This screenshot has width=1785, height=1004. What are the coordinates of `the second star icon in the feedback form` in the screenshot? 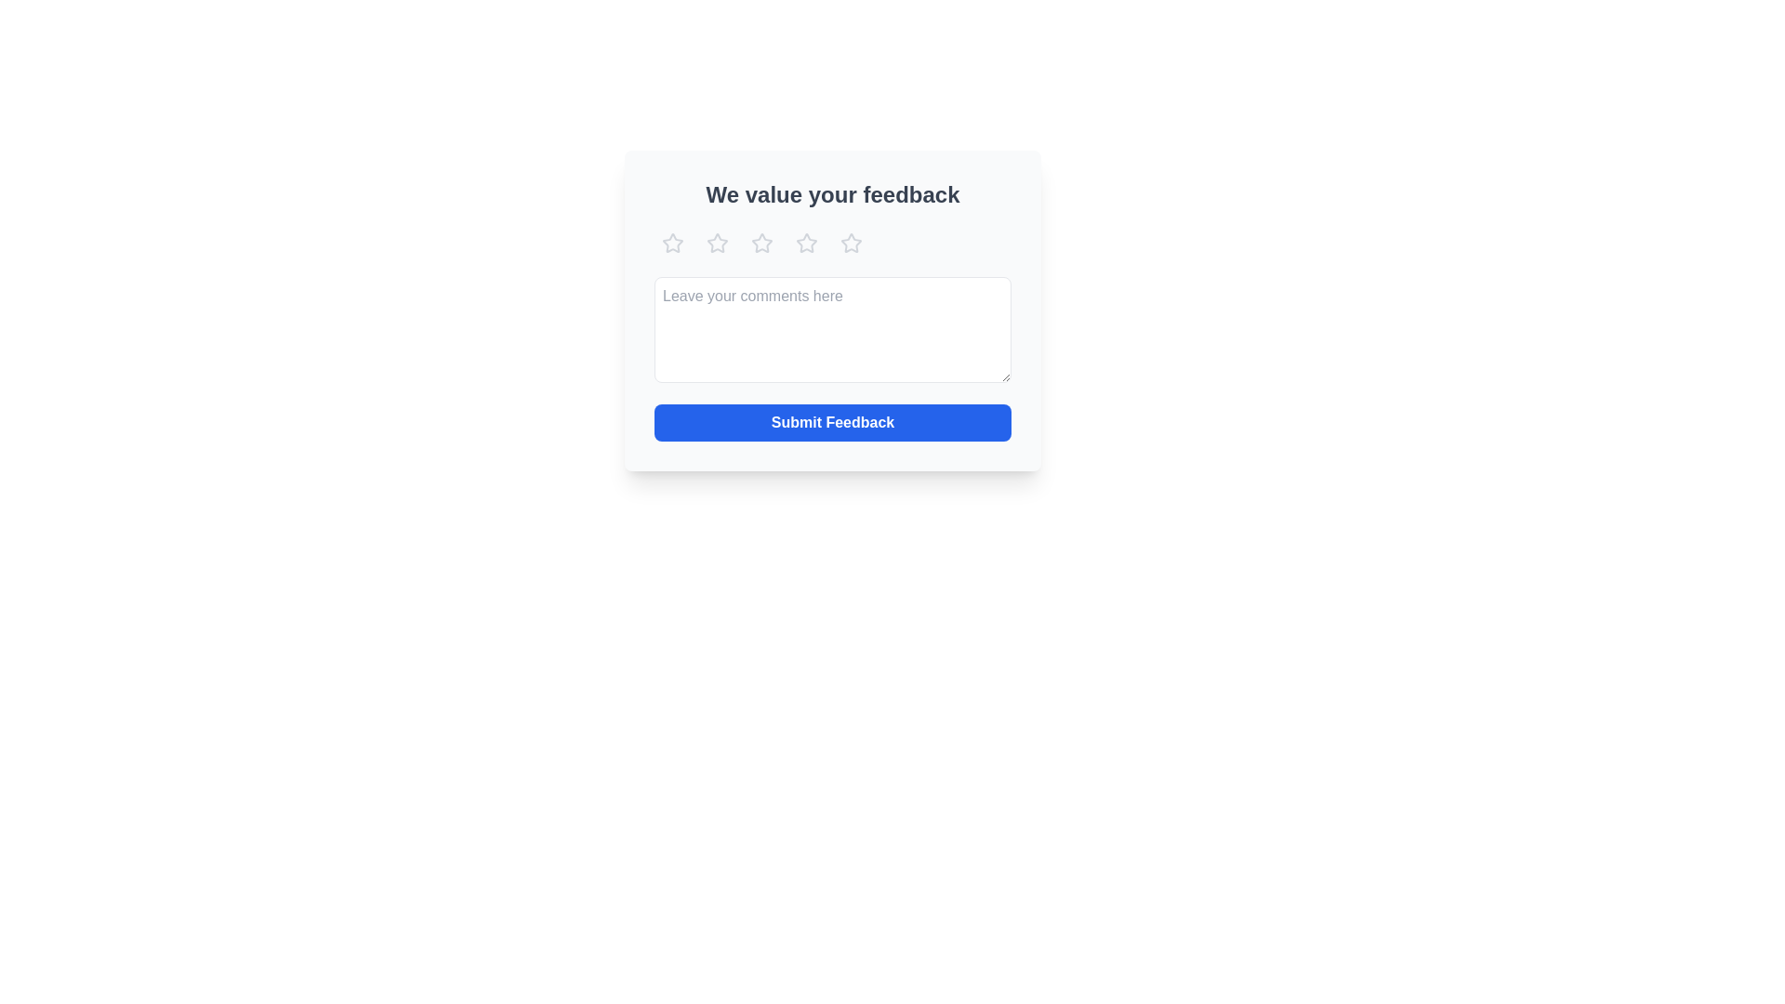 It's located at (807, 242).